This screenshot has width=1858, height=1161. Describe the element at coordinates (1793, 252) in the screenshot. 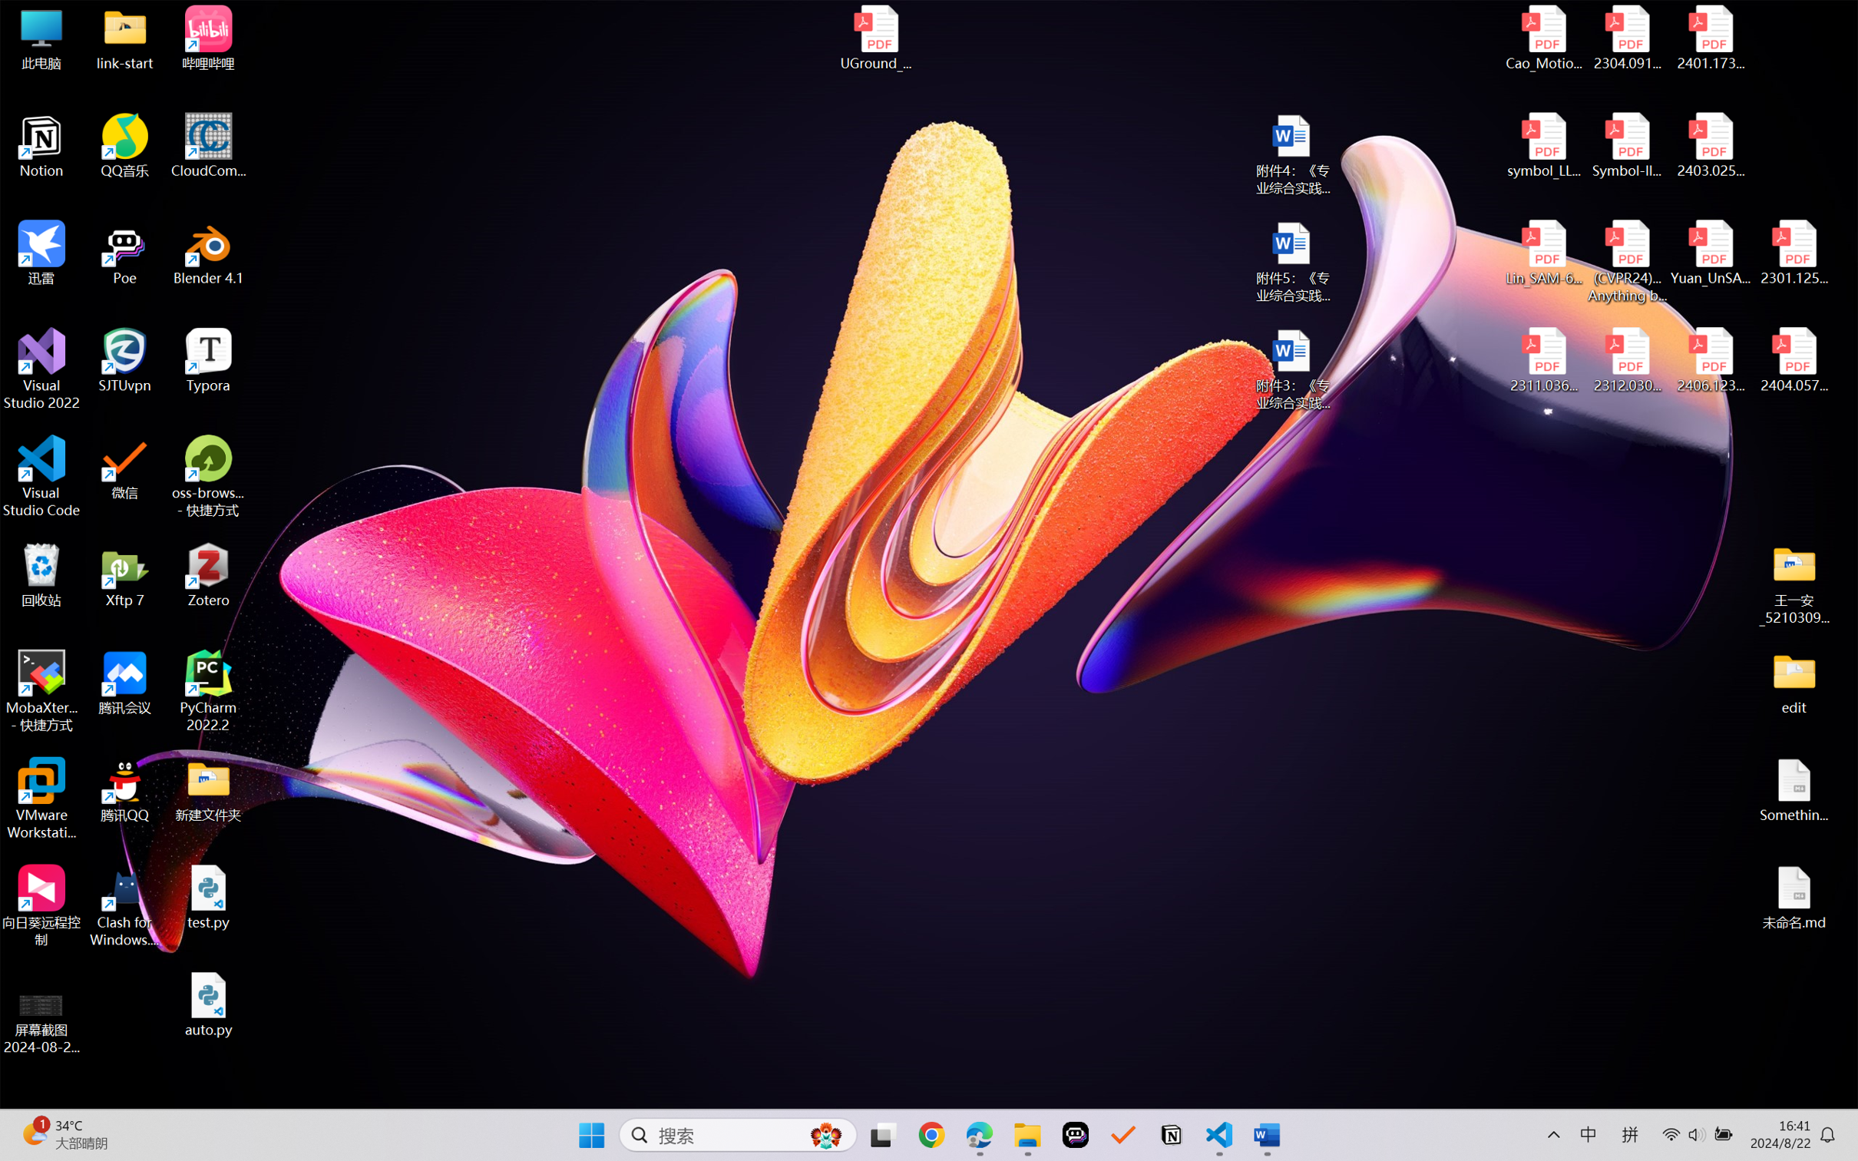

I see `'2301.12597v3.pdf'` at that location.